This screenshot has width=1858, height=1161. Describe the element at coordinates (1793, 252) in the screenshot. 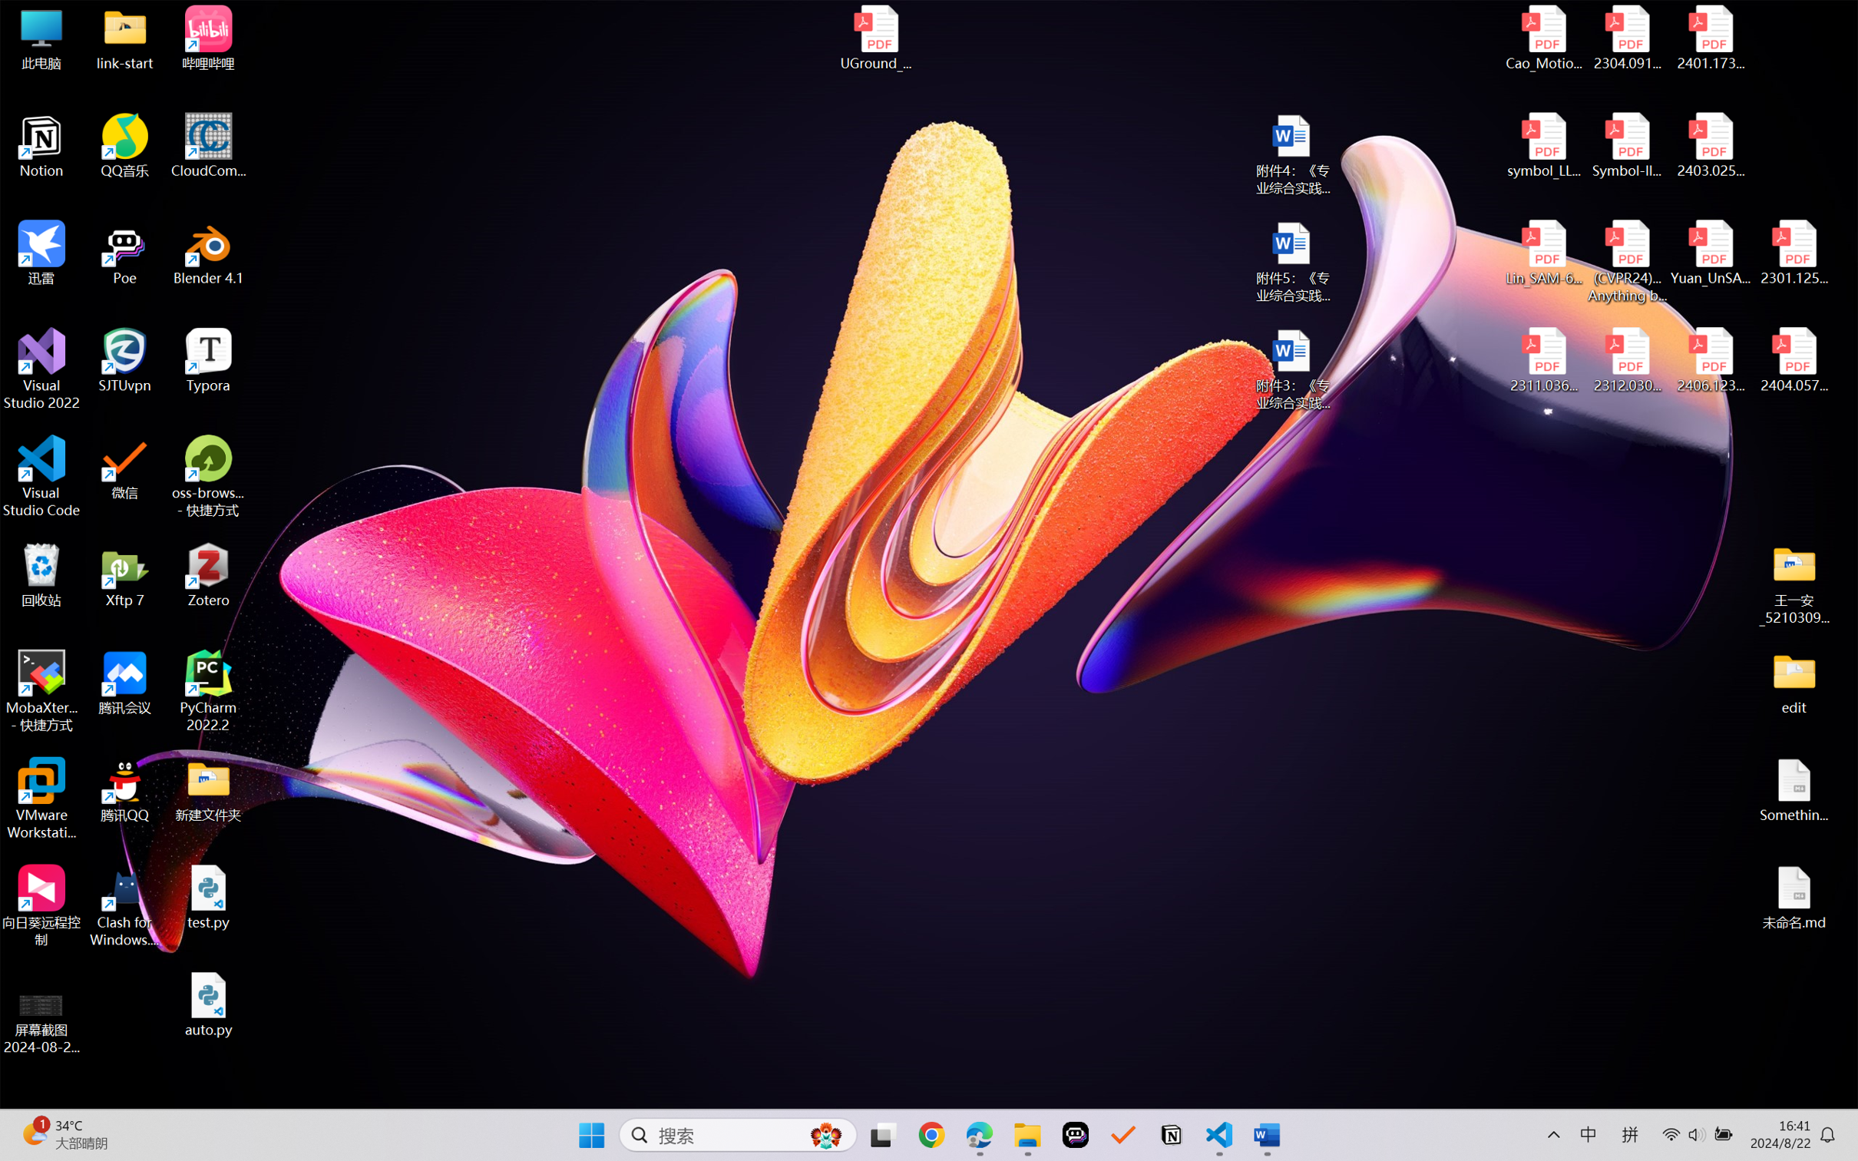

I see `'2301.12597v3.pdf'` at that location.